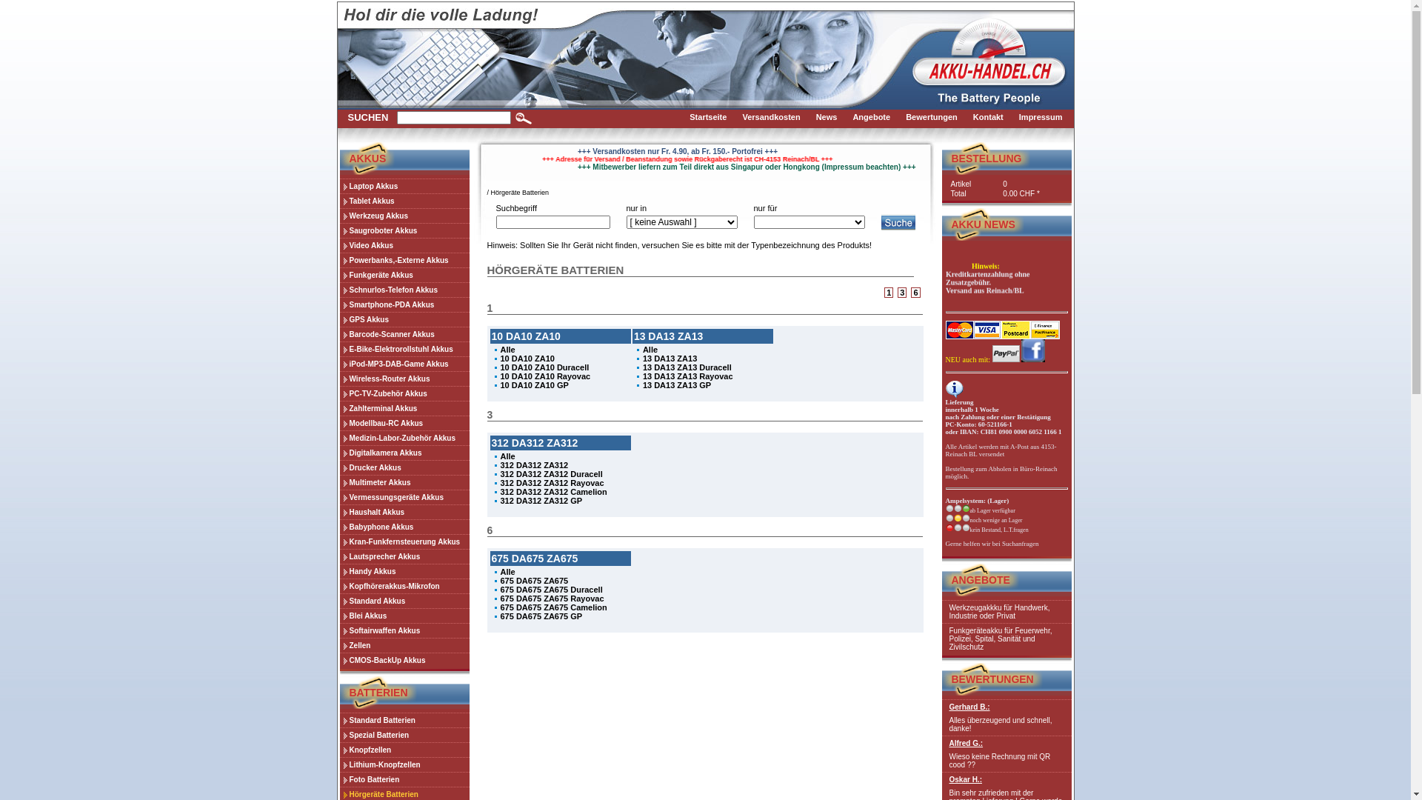 Image resolution: width=1422 pixels, height=800 pixels. Describe the element at coordinates (686, 367) in the screenshot. I see `'13 DA13 ZA13 Duracell'` at that location.